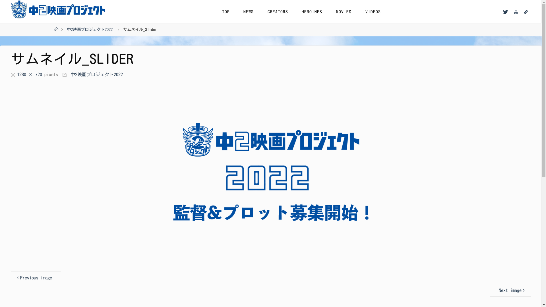  What do you see at coordinates (373, 12) in the screenshot?
I see `'VIDEOS'` at bounding box center [373, 12].